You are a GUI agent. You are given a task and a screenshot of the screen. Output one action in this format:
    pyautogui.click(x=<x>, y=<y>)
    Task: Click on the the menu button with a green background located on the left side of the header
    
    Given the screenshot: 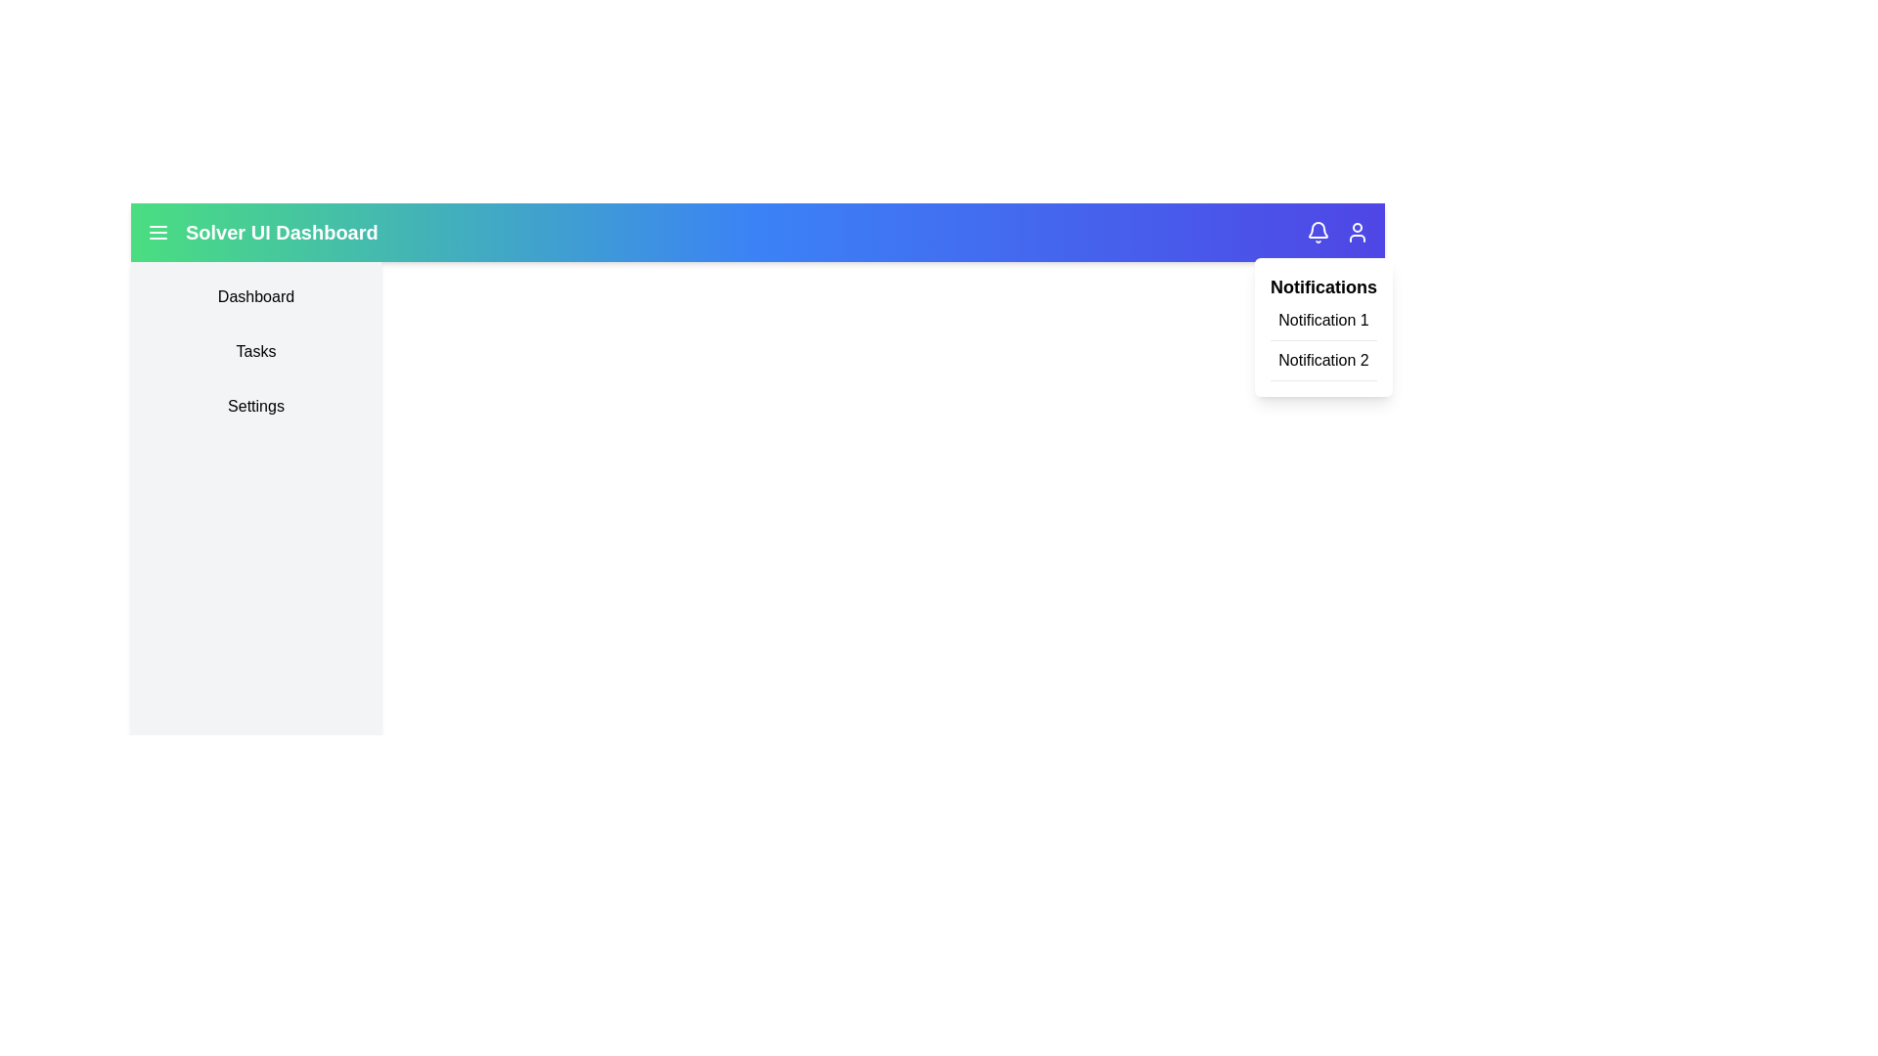 What is the action you would take?
    pyautogui.click(x=158, y=232)
    